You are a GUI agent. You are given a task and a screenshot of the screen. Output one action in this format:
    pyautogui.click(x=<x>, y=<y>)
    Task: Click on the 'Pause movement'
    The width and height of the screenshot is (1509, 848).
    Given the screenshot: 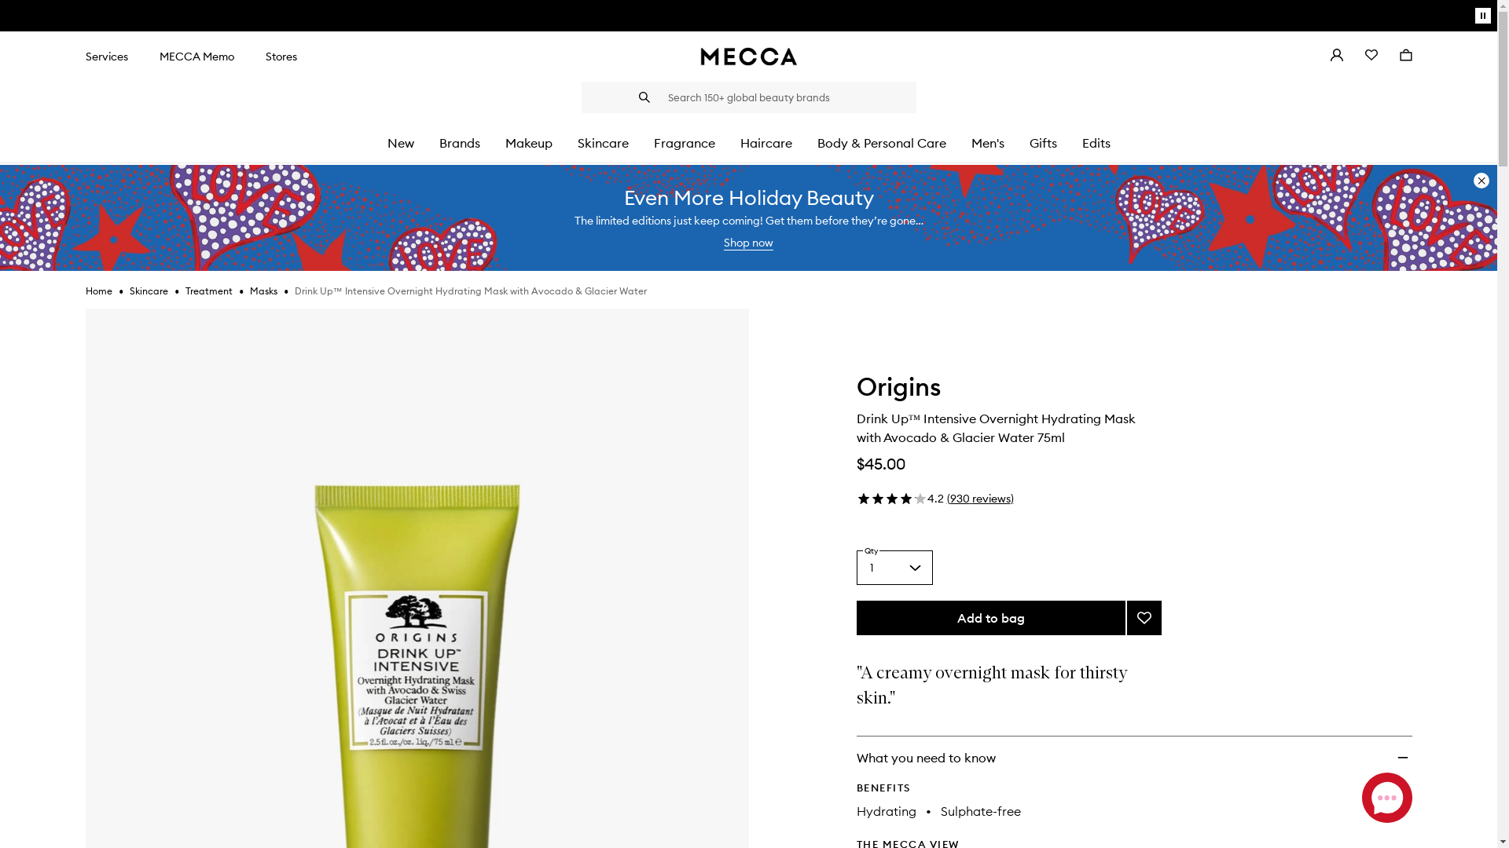 What is the action you would take?
    pyautogui.click(x=1474, y=15)
    